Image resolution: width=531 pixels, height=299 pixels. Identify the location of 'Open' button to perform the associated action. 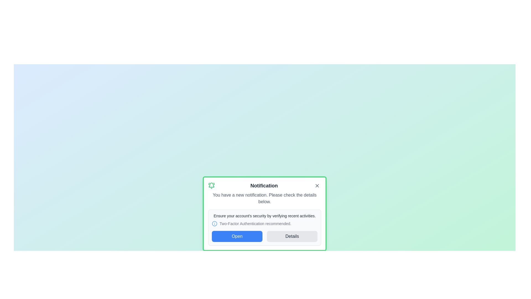
(237, 236).